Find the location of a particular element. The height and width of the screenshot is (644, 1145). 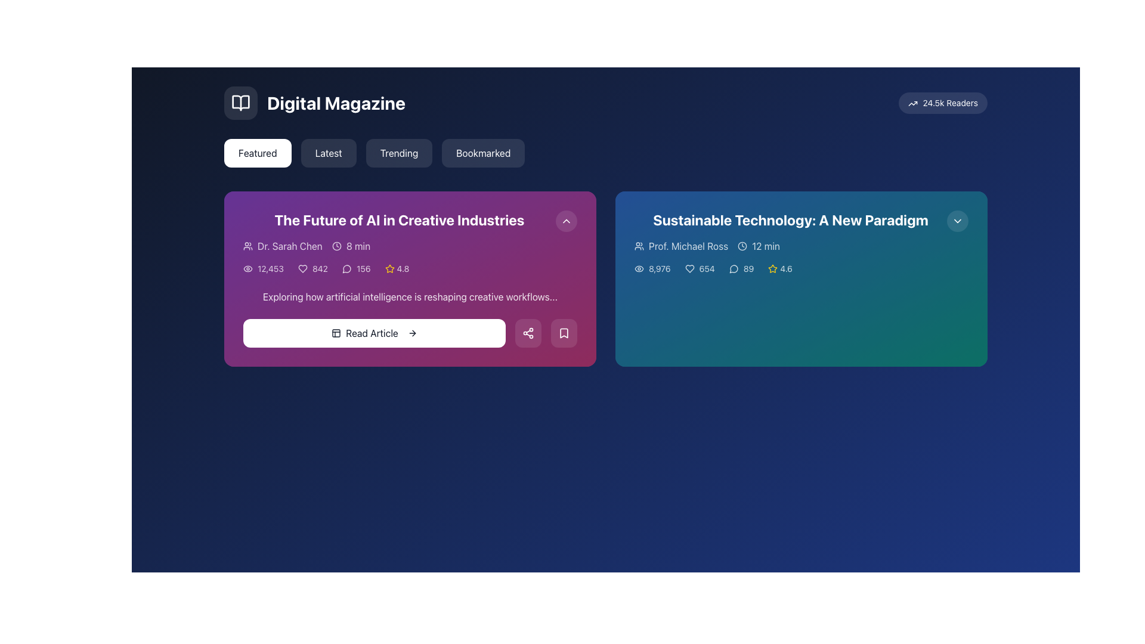

the bookmark-shaped icon styled in white on a purple background located at the bottom-right corner of the article card titled 'The Future of AI in Creative Industries' is located at coordinates (563, 333).